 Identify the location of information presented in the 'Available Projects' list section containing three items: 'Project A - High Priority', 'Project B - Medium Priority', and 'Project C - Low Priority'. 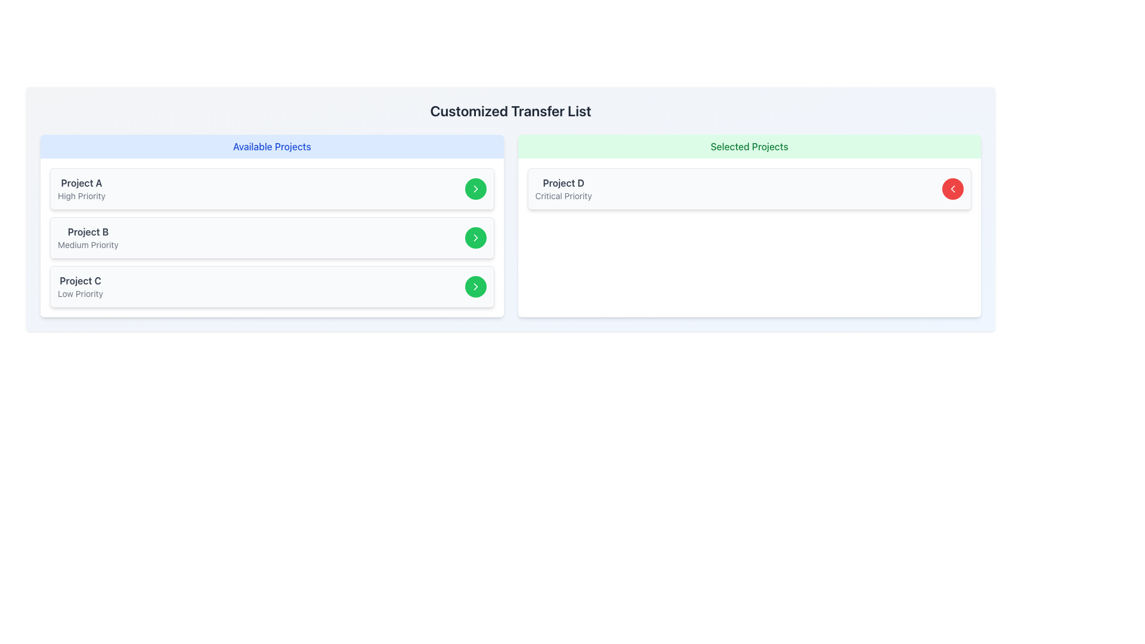
(271, 225).